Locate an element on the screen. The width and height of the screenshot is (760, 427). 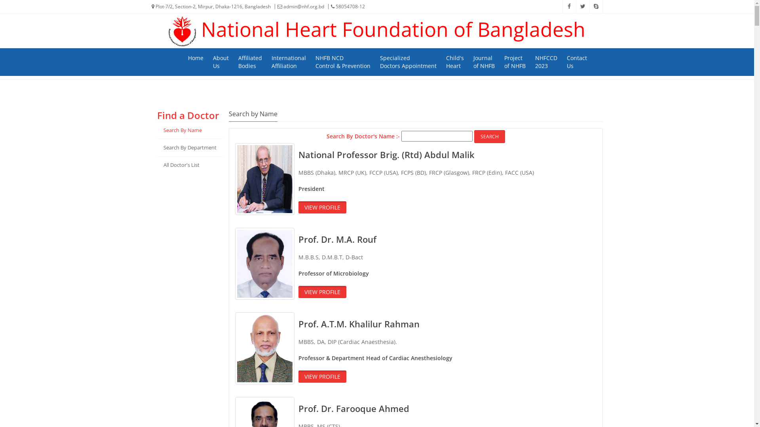
'admin@nhf.org.bd' is located at coordinates (298, 6).